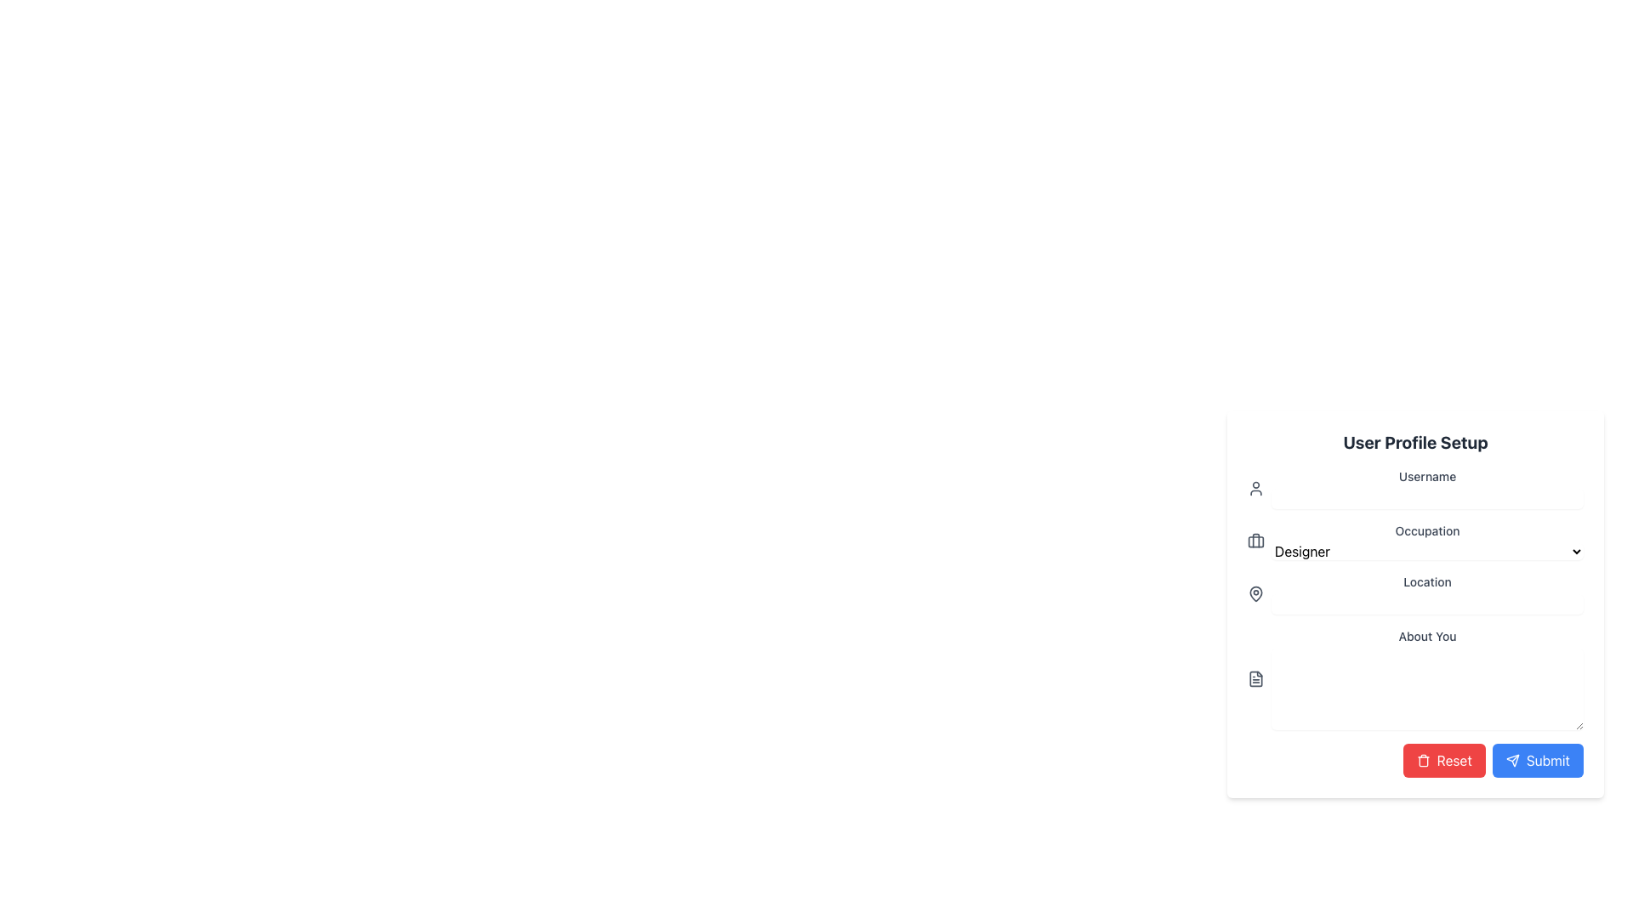 This screenshot has width=1633, height=918. Describe the element at coordinates (1256, 677) in the screenshot. I see `the gray file icon with a document-like shape located within the 'About You' section, positioned to the left of the text area input field` at that location.